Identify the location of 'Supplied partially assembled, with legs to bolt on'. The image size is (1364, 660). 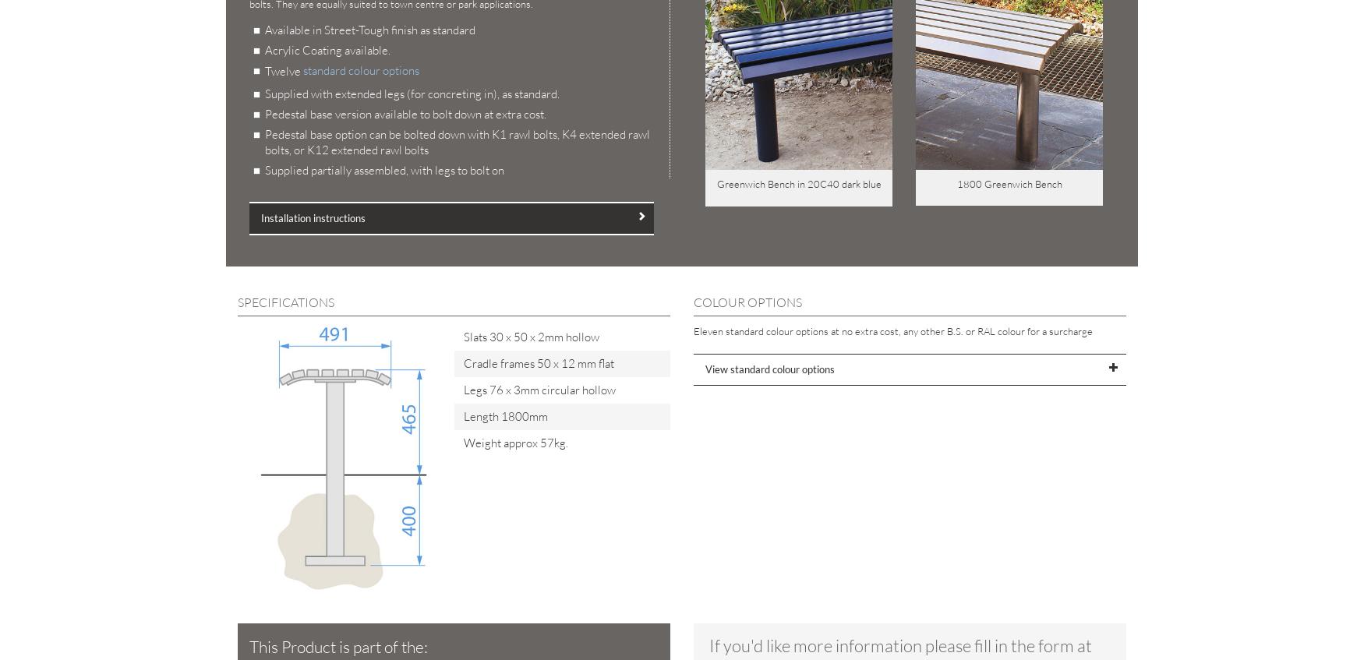
(384, 170).